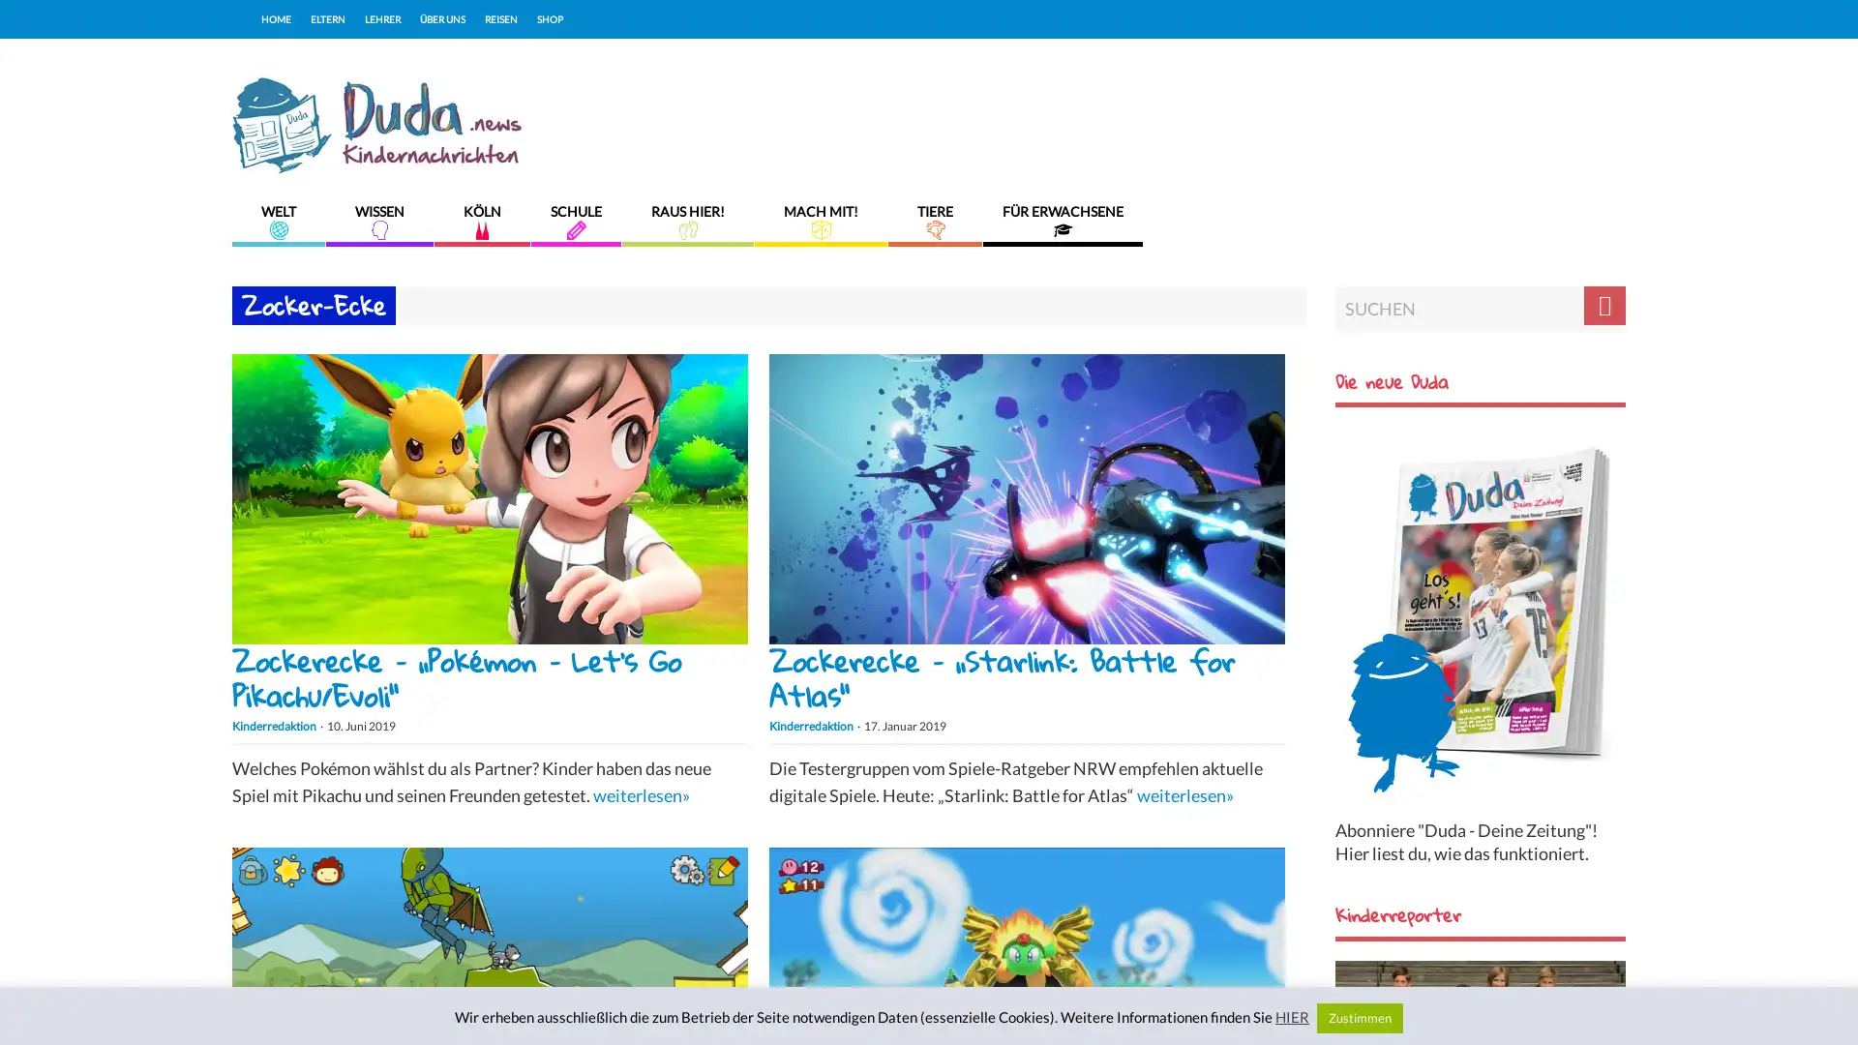 This screenshot has height=1045, width=1858. I want to click on Zustimmen, so click(1359, 1017).